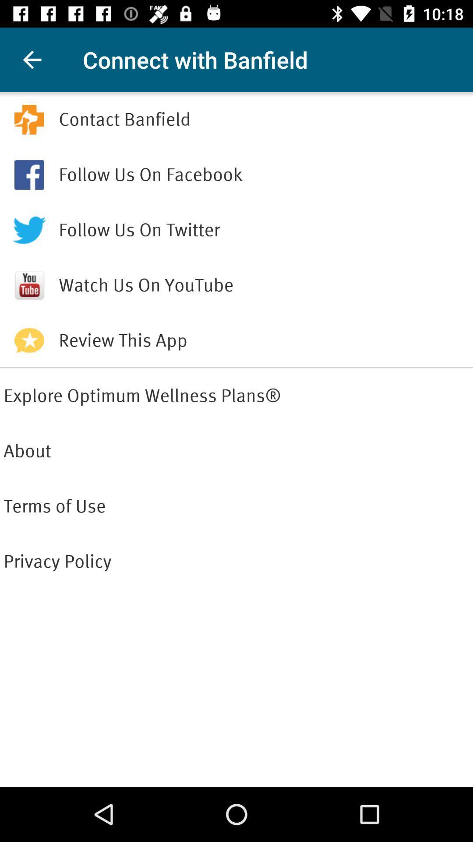  I want to click on the explore optimum wellness, so click(236, 395).